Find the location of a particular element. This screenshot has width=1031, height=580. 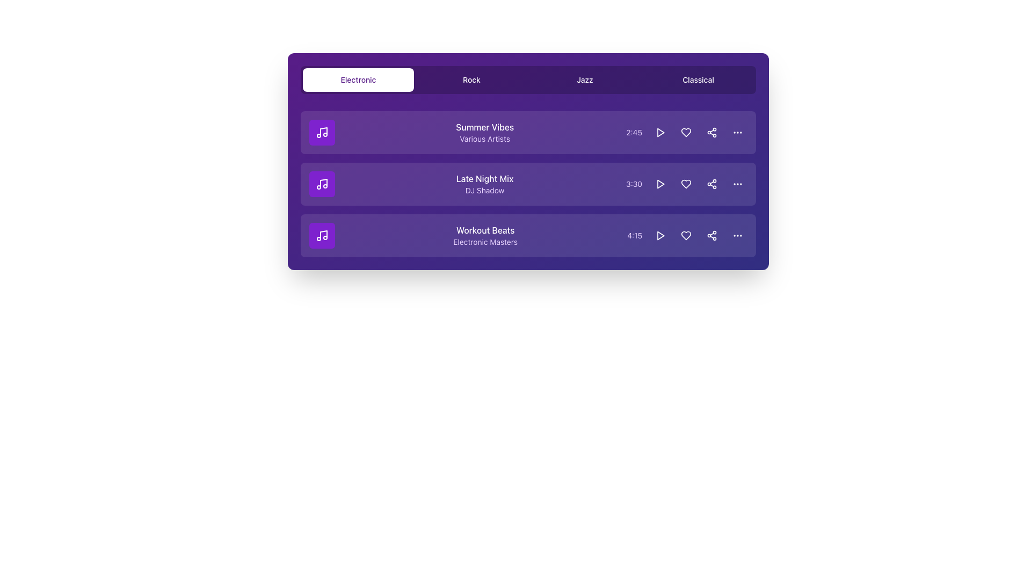

the circular 'share' button with a purple background and a 'share' icon consisting of three interconnected circles is located at coordinates (711, 132).